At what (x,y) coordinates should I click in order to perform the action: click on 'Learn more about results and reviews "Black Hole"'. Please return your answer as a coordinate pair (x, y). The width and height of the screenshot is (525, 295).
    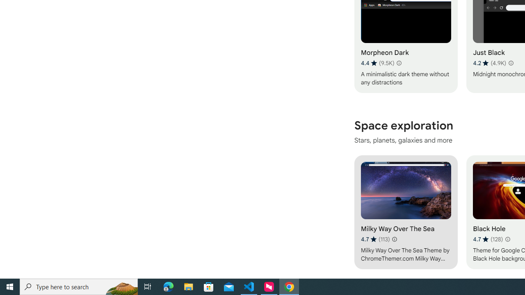
    Looking at the image, I should click on (507, 239).